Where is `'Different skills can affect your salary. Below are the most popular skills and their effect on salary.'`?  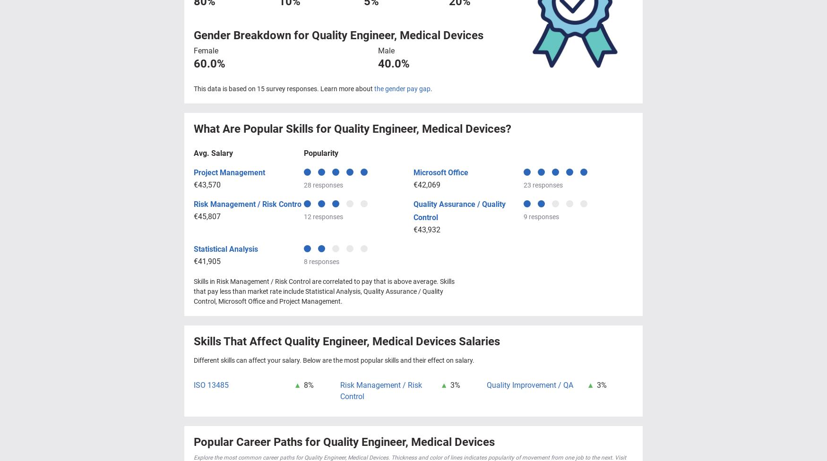
'Different skills can affect your salary. Below are the most popular skills and their effect on salary.' is located at coordinates (334, 359).